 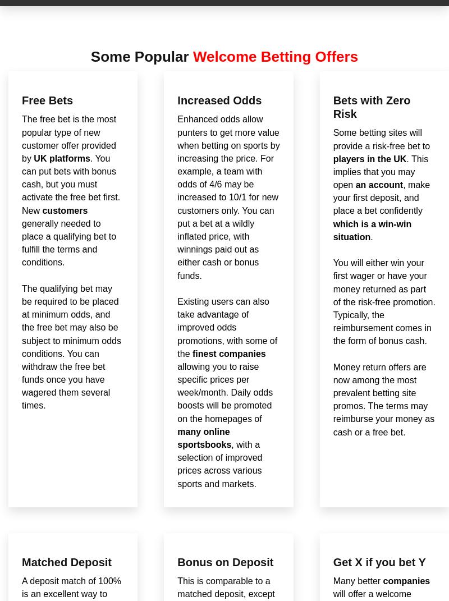 What do you see at coordinates (406, 581) in the screenshot?
I see `'companies'` at bounding box center [406, 581].